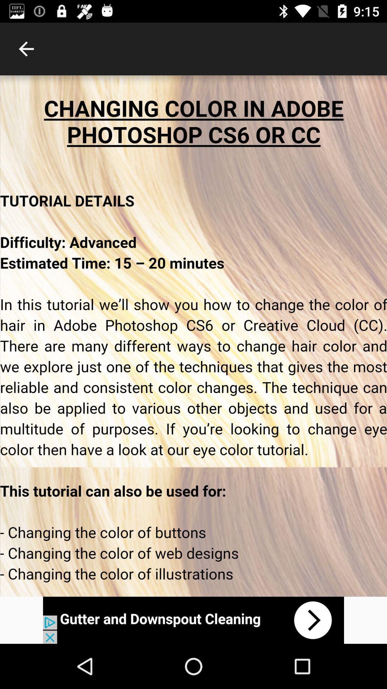  I want to click on show the advertisement, so click(193, 620).